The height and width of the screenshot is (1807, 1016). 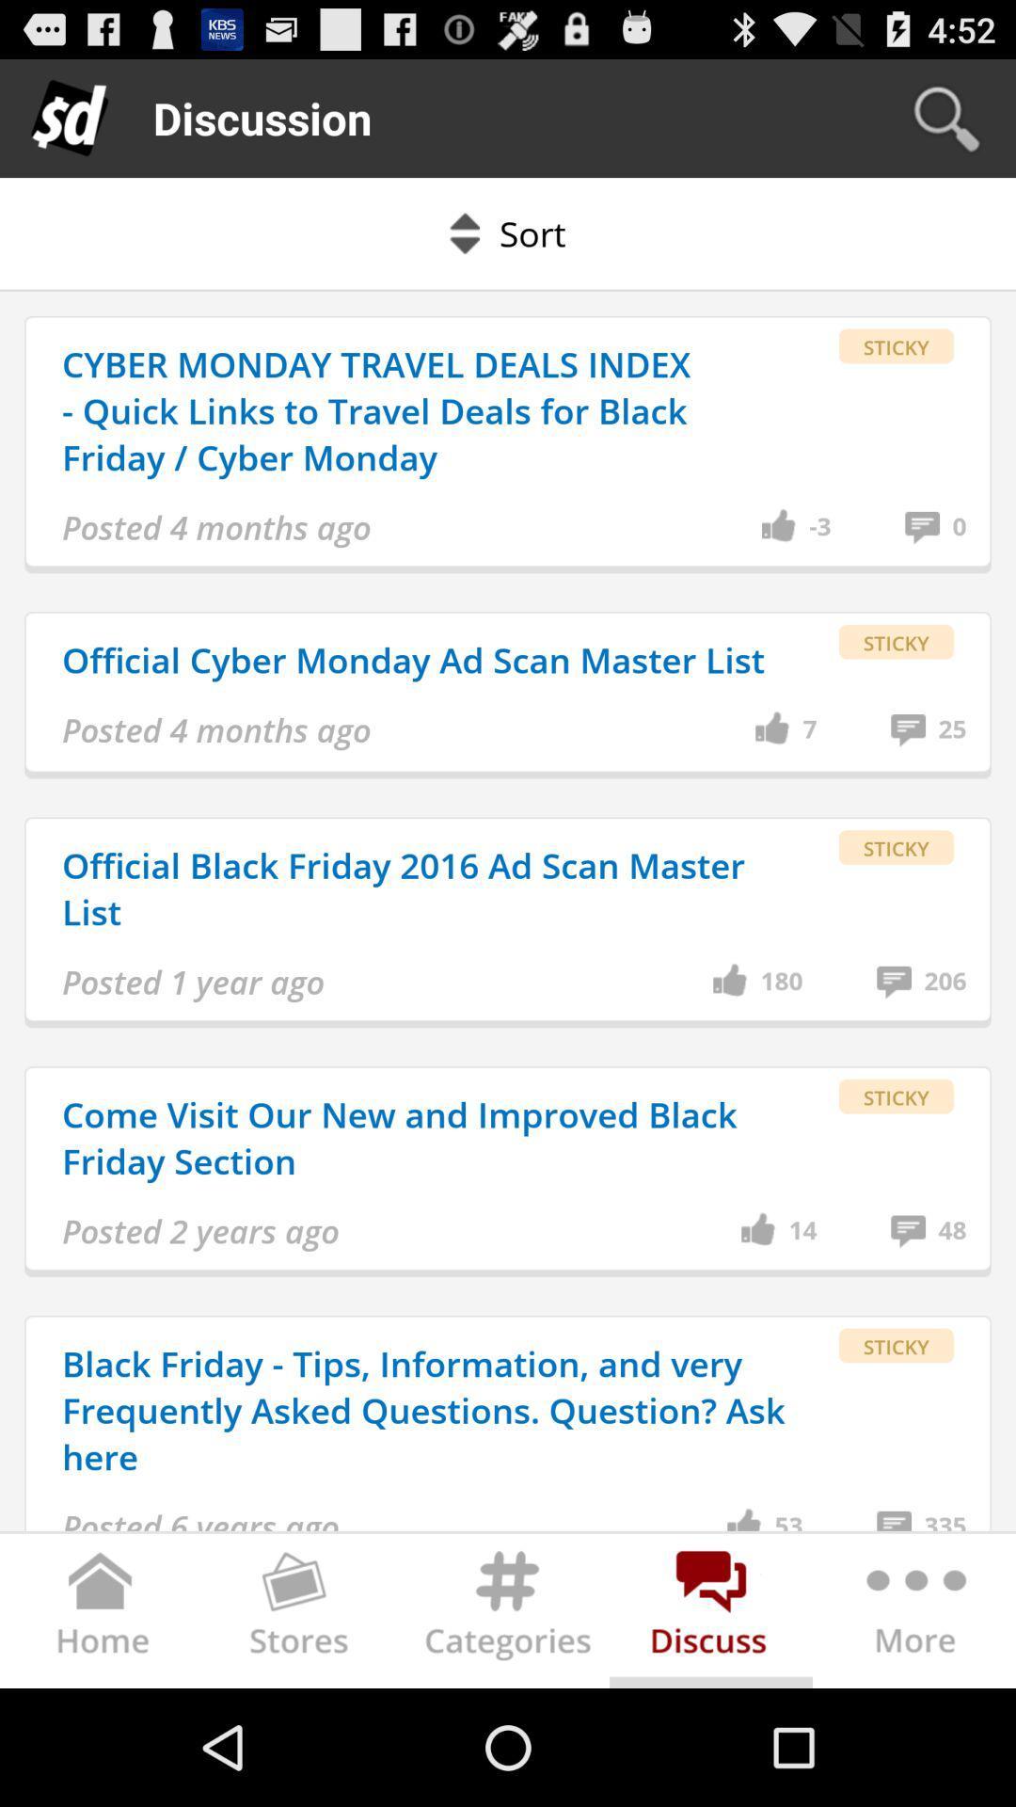 I want to click on the home icon, so click(x=102, y=1728).